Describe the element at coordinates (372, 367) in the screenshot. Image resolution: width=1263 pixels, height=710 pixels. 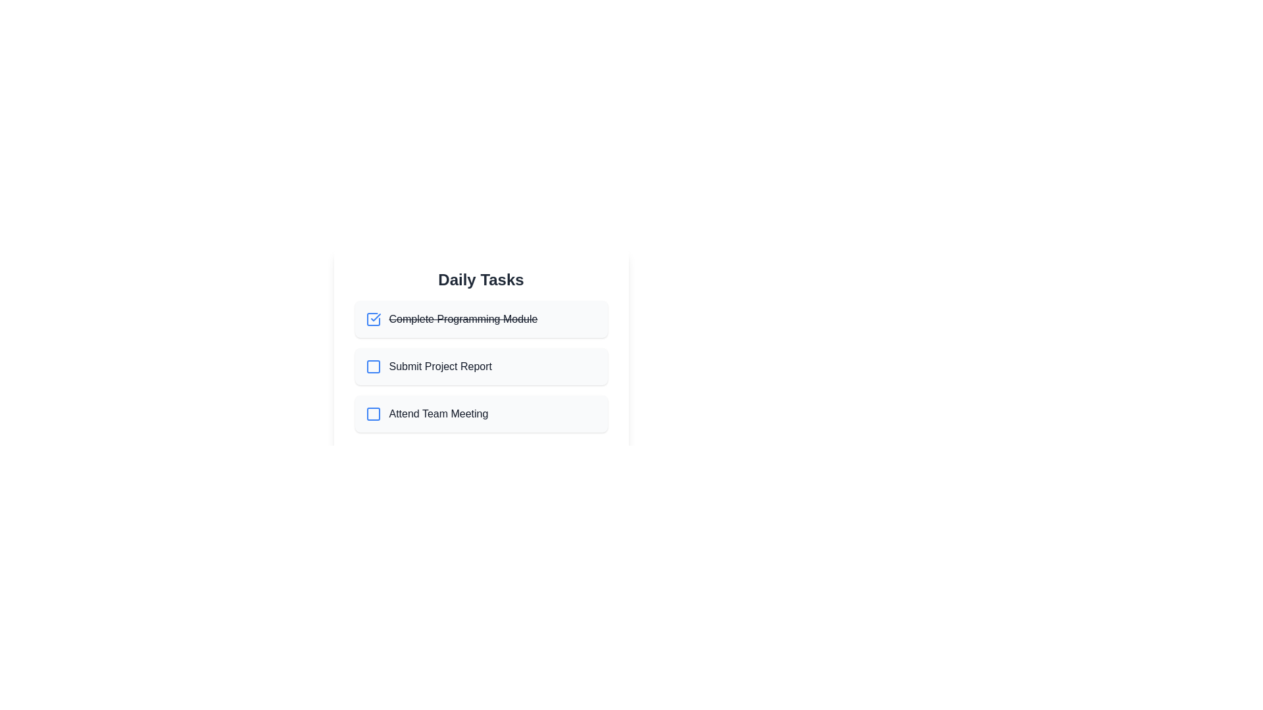
I see `the minimalistic icon styled as a small rounded rectangle with subtle border, located in the second checkbox for 'Submit Project Report'` at that location.